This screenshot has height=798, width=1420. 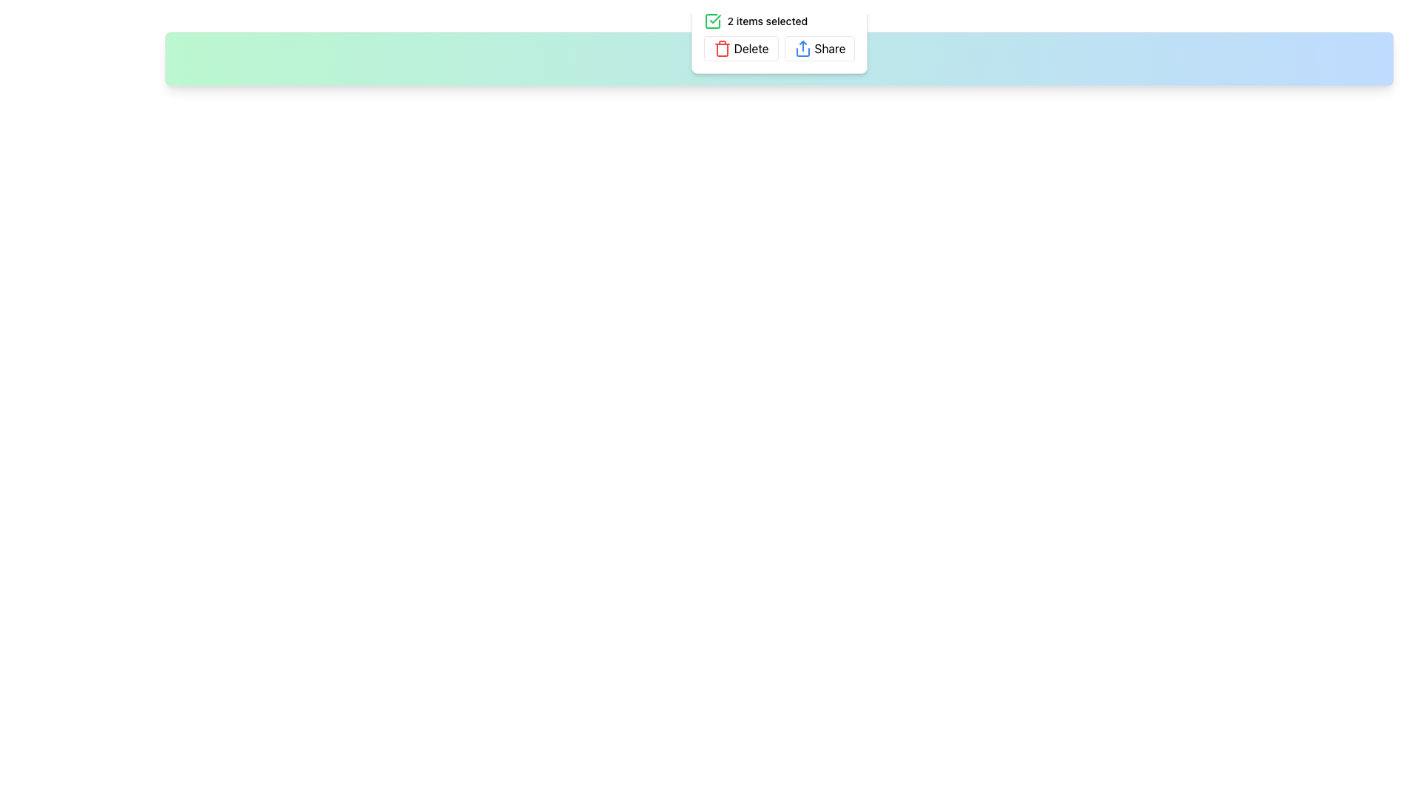 I want to click on the green check icon that is enclosed within a square outline, which indicates the number of selected items and is located to the left of the text label '2 items selected.', so click(x=712, y=21).